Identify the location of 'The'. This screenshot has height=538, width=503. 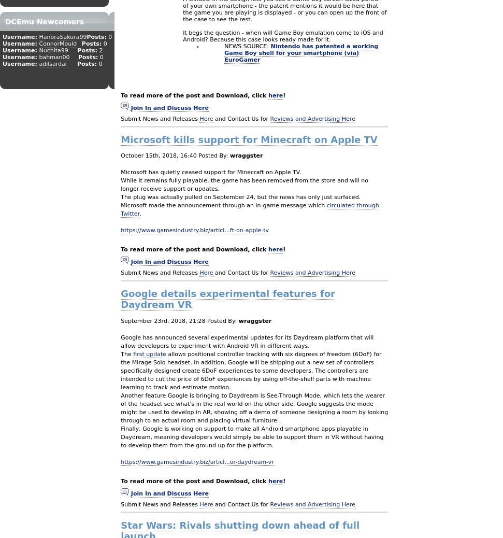
(126, 353).